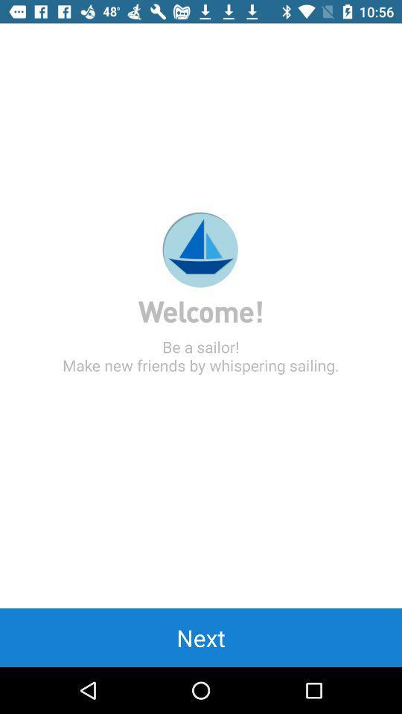 The width and height of the screenshot is (402, 714). What do you see at coordinates (201, 637) in the screenshot?
I see `the next` at bounding box center [201, 637].